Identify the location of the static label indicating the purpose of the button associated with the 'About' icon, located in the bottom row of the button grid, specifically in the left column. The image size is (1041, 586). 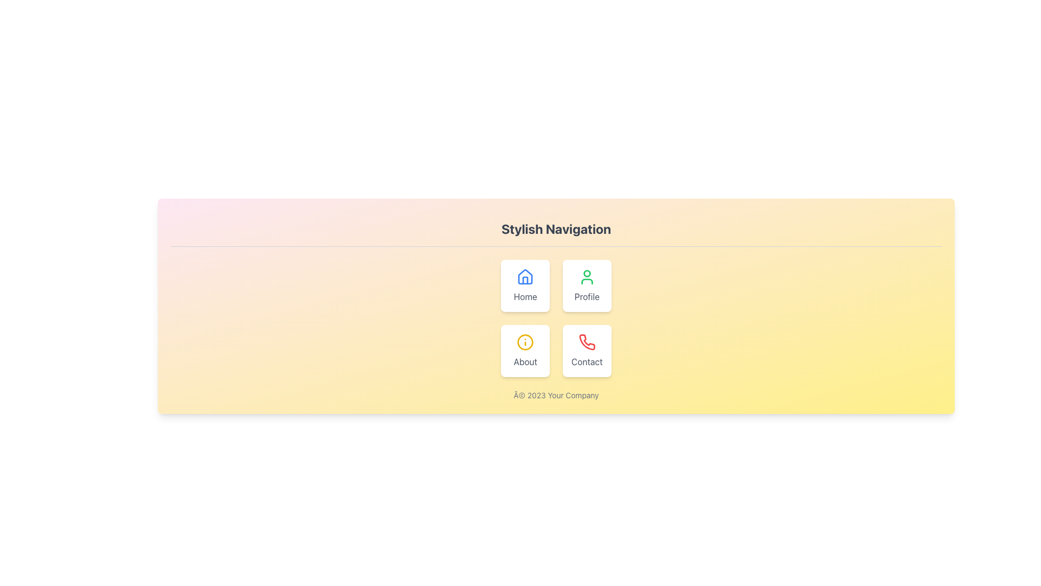
(525, 362).